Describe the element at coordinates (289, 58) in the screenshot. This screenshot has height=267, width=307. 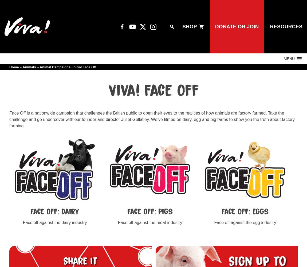
I see `'MENU'` at that location.